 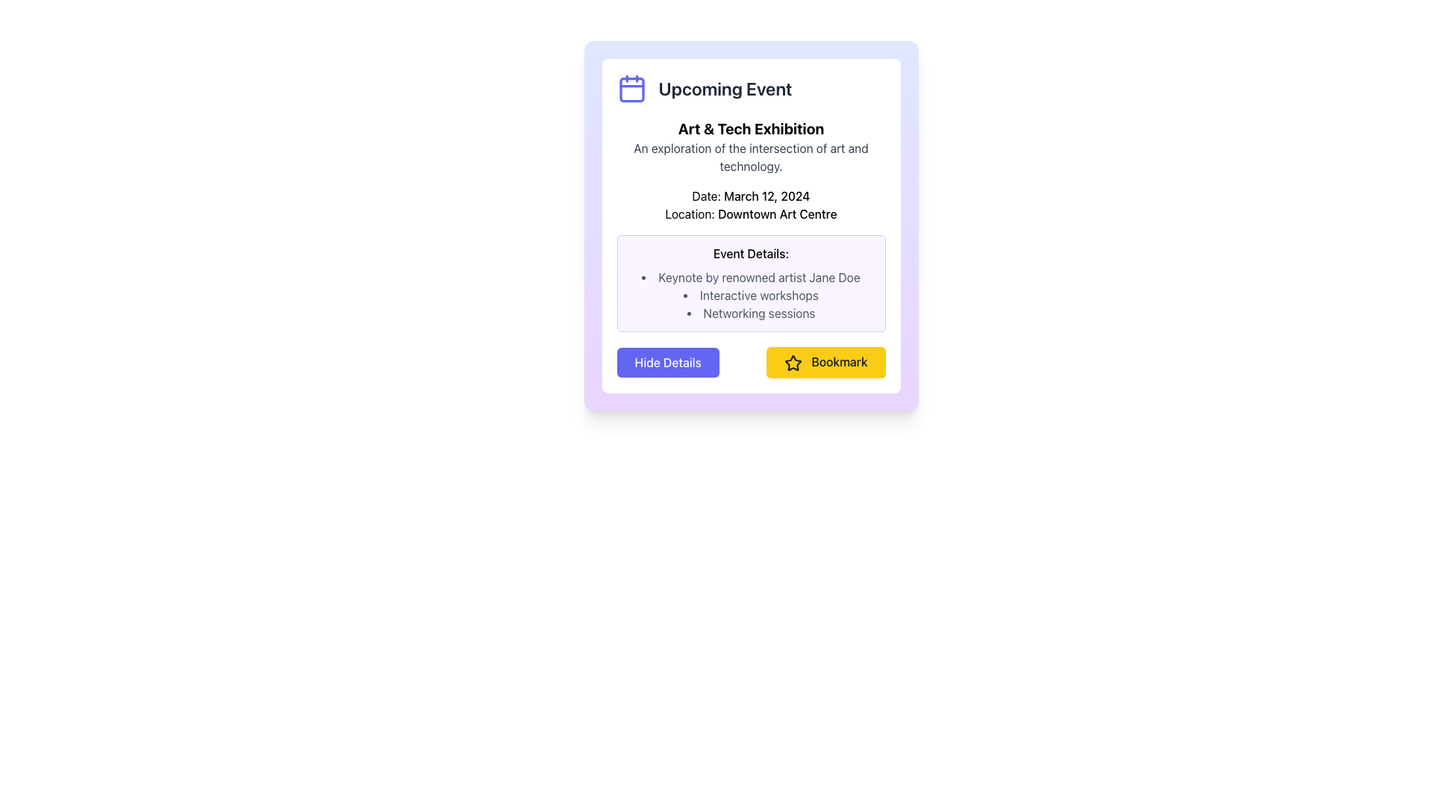 I want to click on the first text item in the bulleted list under the 'Event Details' section of the card interface, which describes one of the activities or highlights of the event, so click(x=751, y=277).